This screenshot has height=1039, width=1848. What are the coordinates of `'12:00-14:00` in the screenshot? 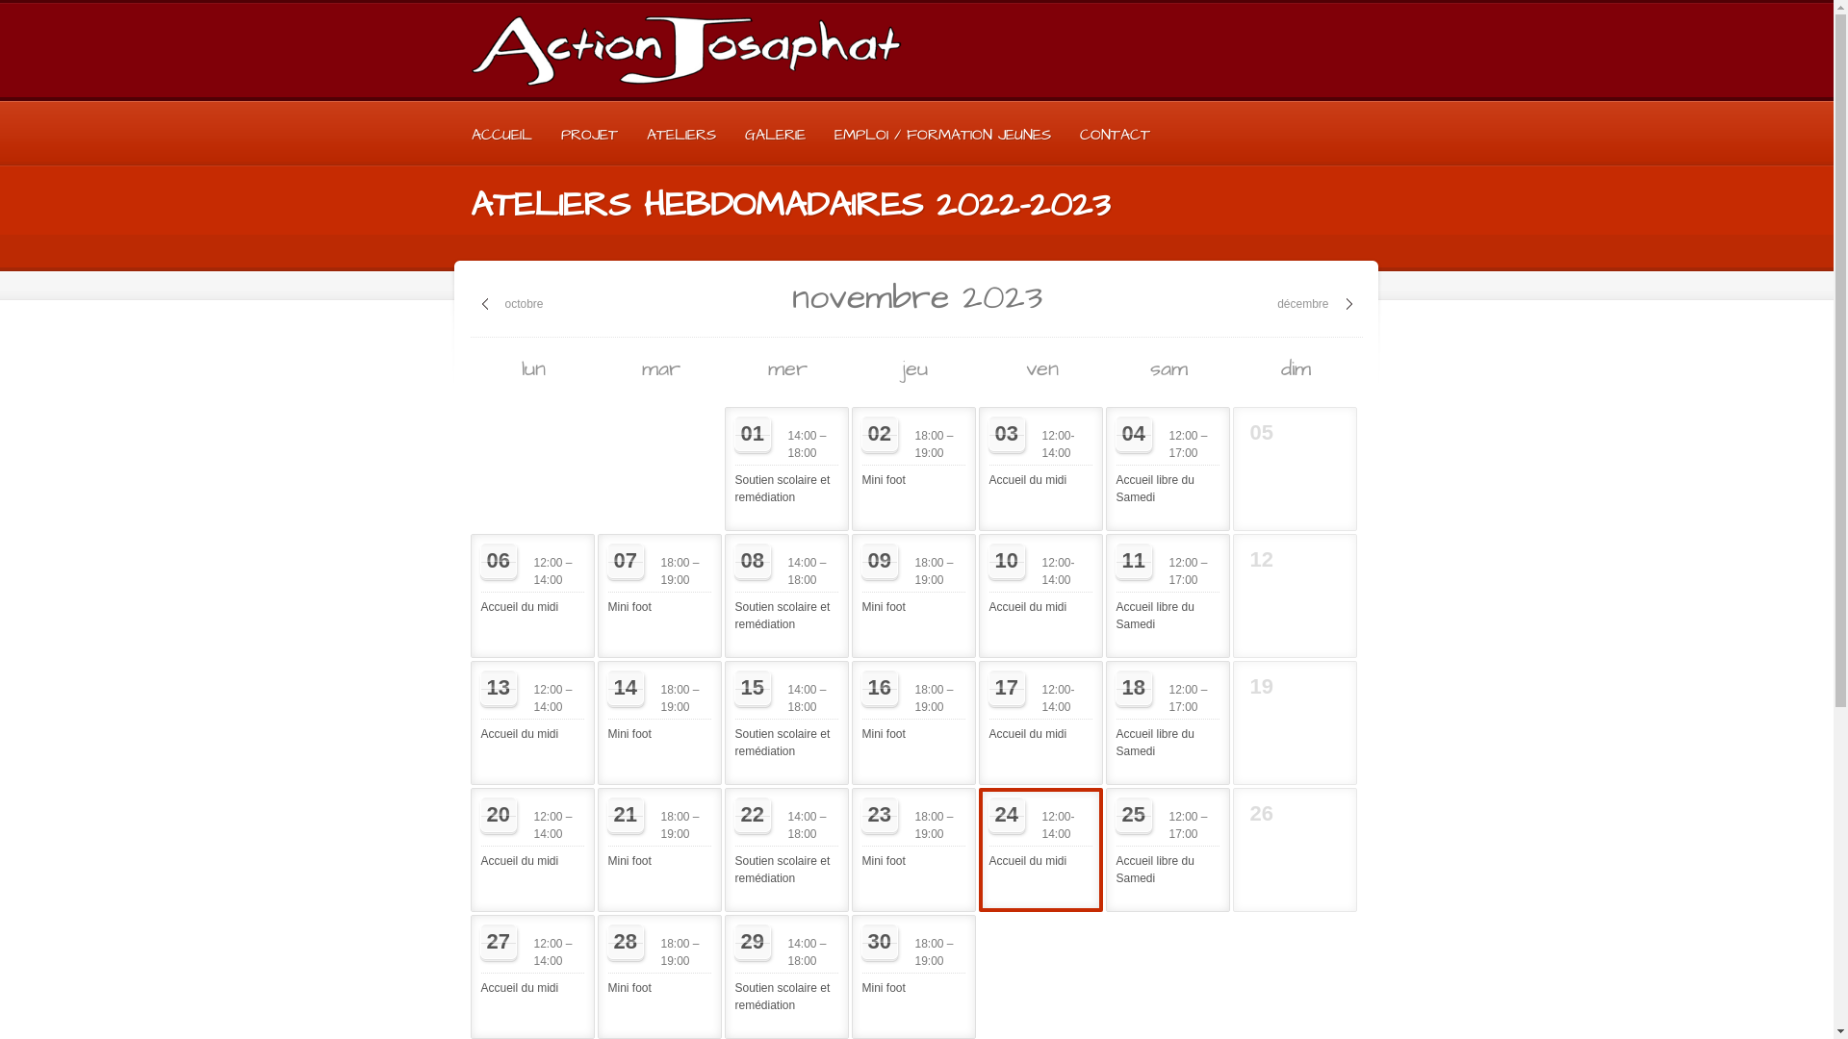 It's located at (1039, 452).